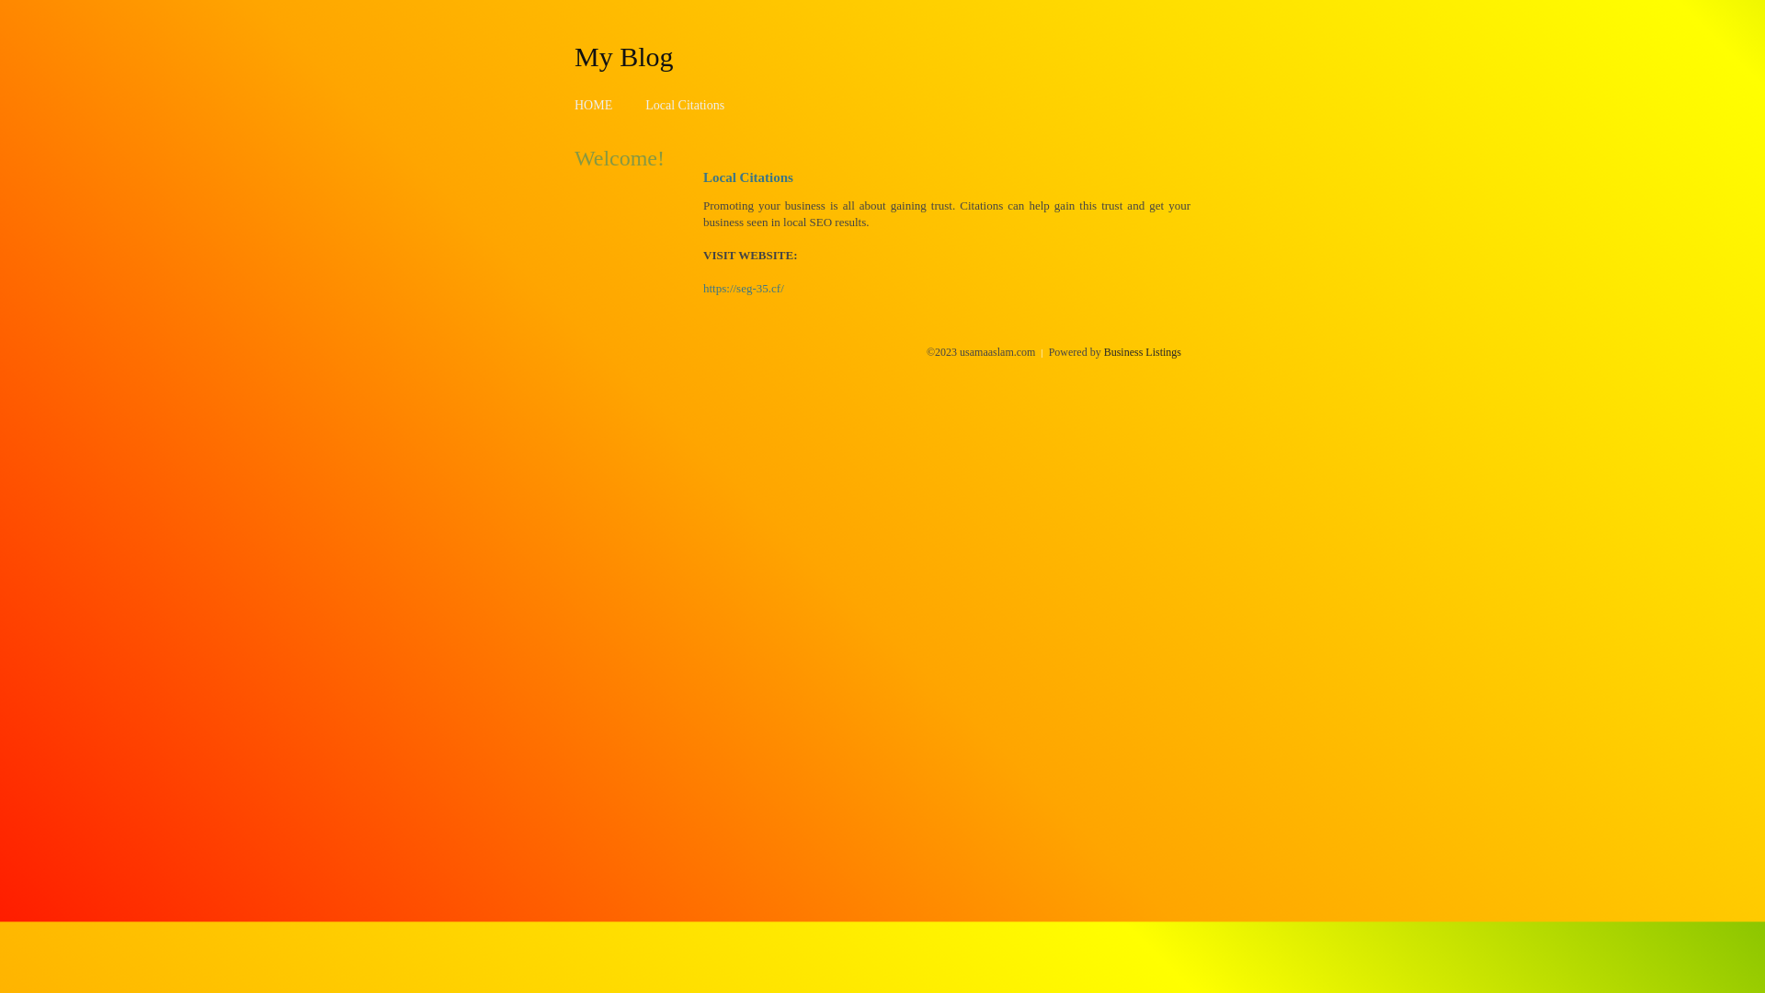 The image size is (1765, 993). I want to click on 'Local Citations', so click(683, 105).